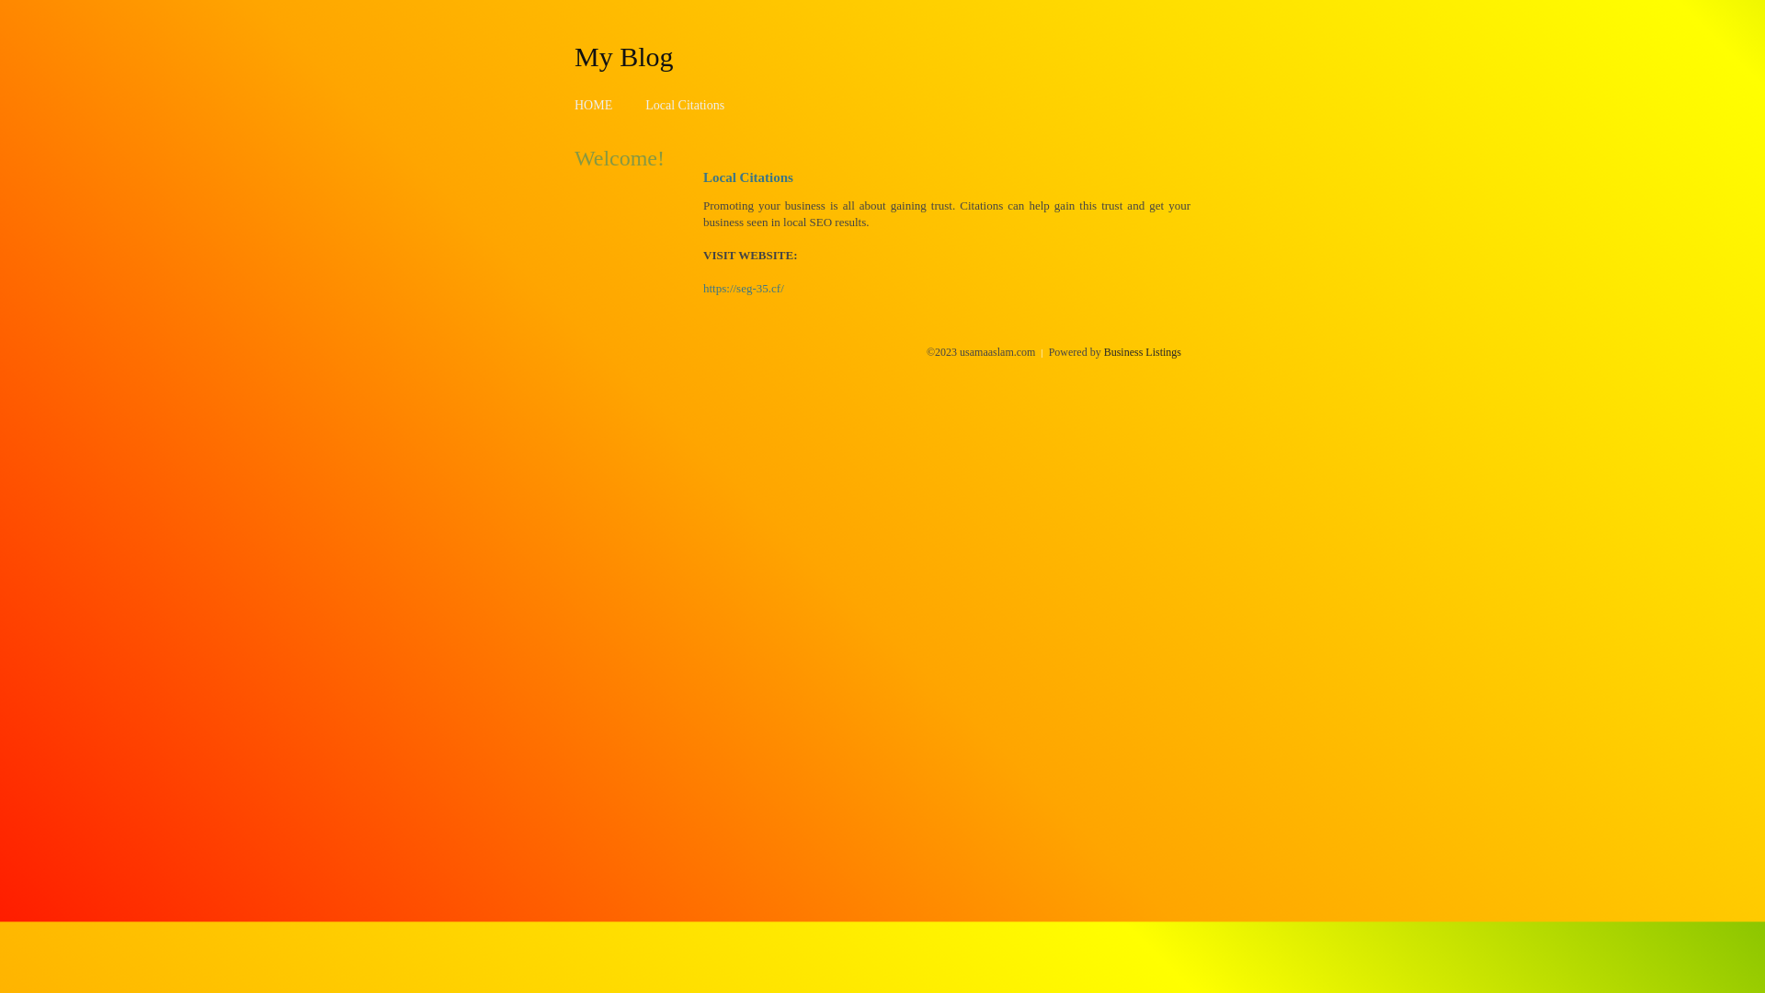 The image size is (1765, 993). I want to click on 'Local Citations', so click(683, 105).